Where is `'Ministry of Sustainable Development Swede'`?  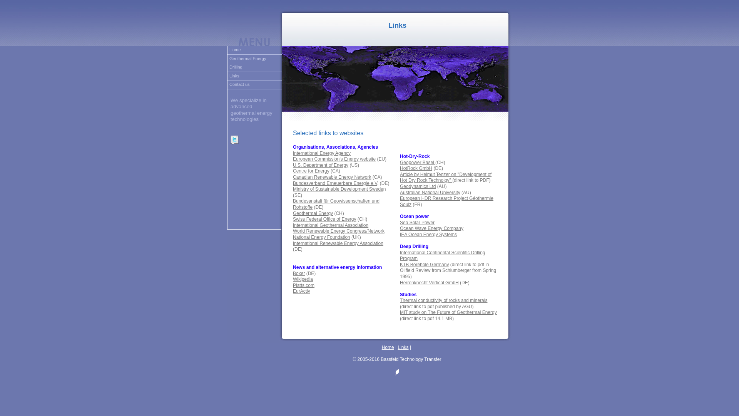 'Ministry of Sustainable Development Swede' is located at coordinates (338, 189).